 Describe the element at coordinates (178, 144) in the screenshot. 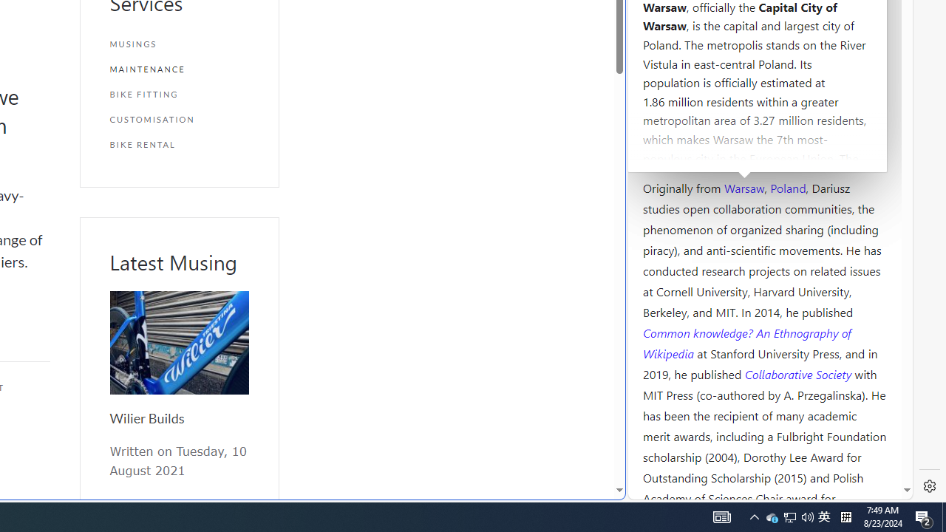

I see `'BIKE RENTAL'` at that location.